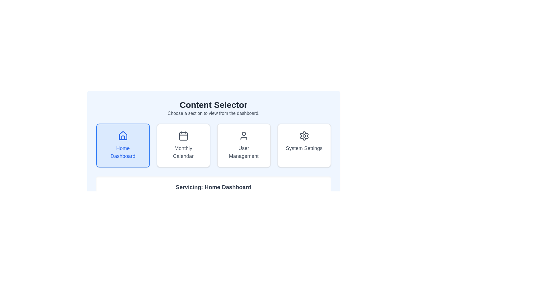  What do you see at coordinates (304, 148) in the screenshot?
I see `the 'System Settings' text label located below the gear icon` at bounding box center [304, 148].